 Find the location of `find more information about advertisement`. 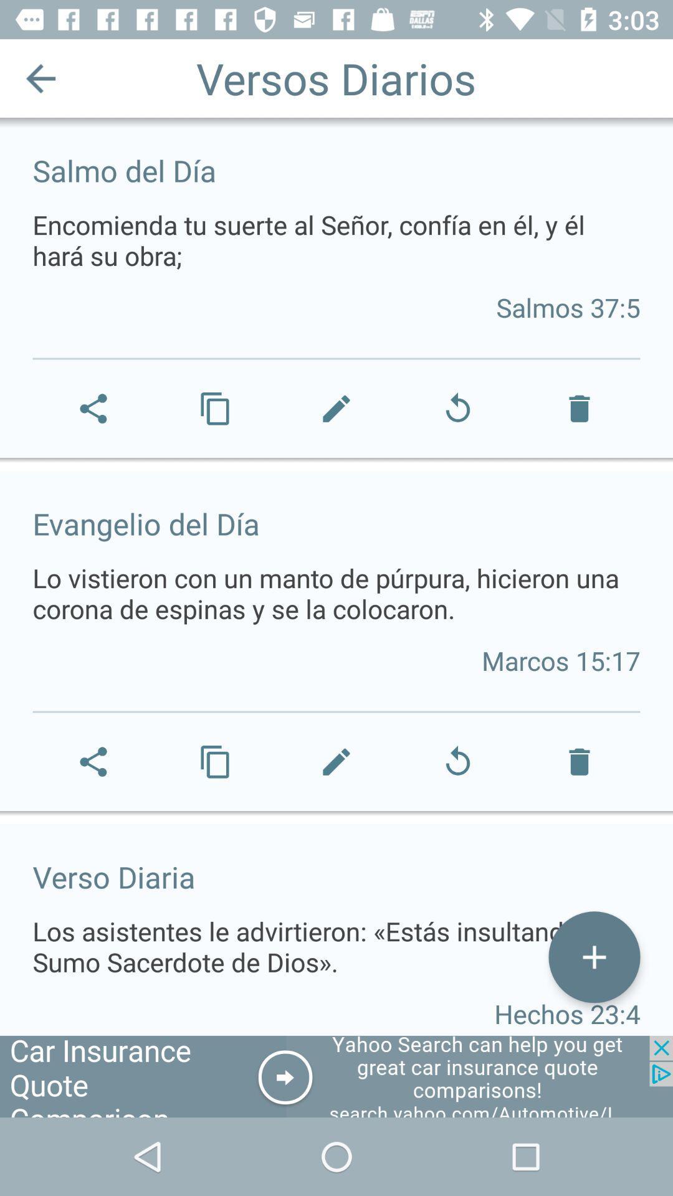

find more information about advertisement is located at coordinates (336, 1076).